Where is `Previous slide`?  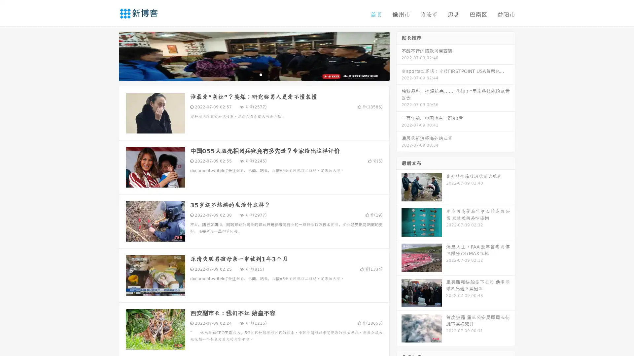
Previous slide is located at coordinates (109, 55).